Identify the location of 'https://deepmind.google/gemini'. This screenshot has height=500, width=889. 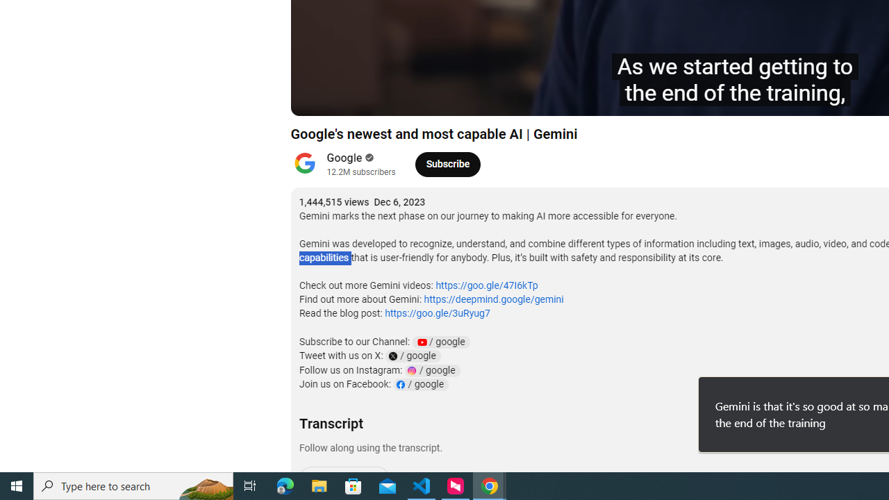
(494, 299).